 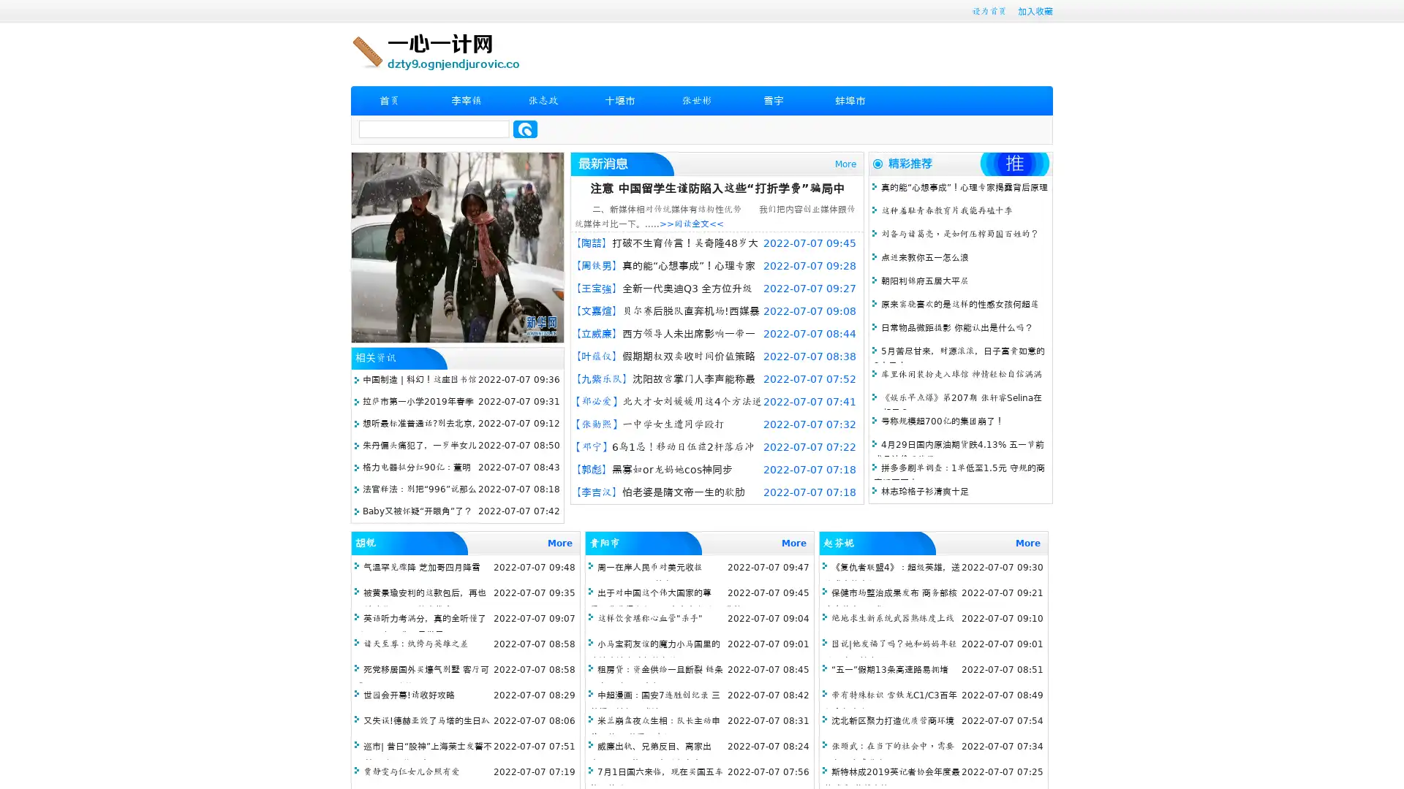 I want to click on Search, so click(x=525, y=129).